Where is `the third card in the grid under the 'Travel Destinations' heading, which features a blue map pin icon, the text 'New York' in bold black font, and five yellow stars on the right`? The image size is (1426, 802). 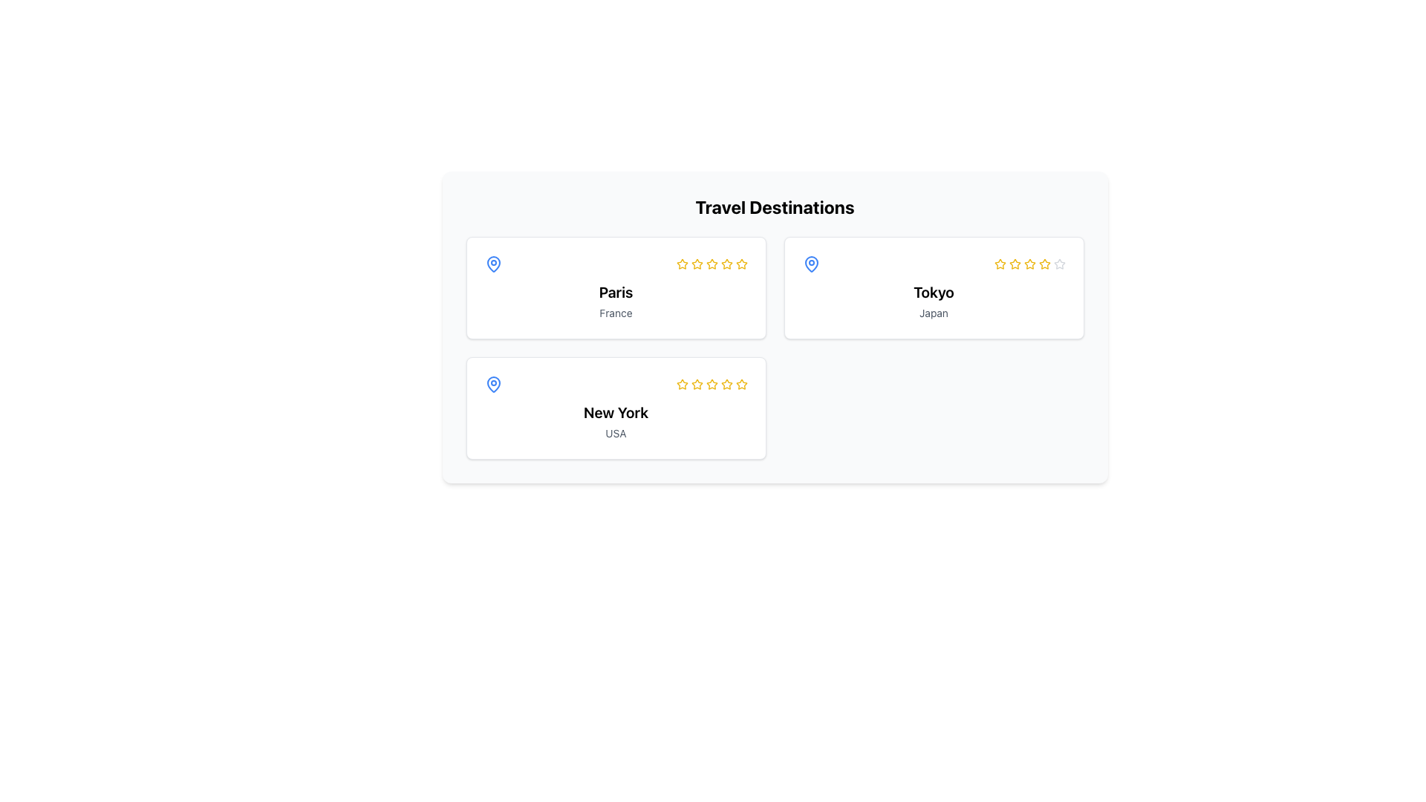 the third card in the grid under the 'Travel Destinations' heading, which features a blue map pin icon, the text 'New York' in bold black font, and five yellow stars on the right is located at coordinates (616, 408).